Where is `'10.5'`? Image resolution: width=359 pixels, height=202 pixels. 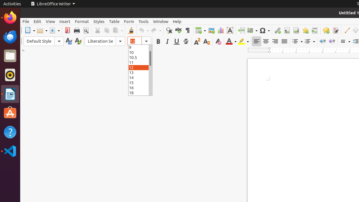 '10.5' is located at coordinates (140, 57).